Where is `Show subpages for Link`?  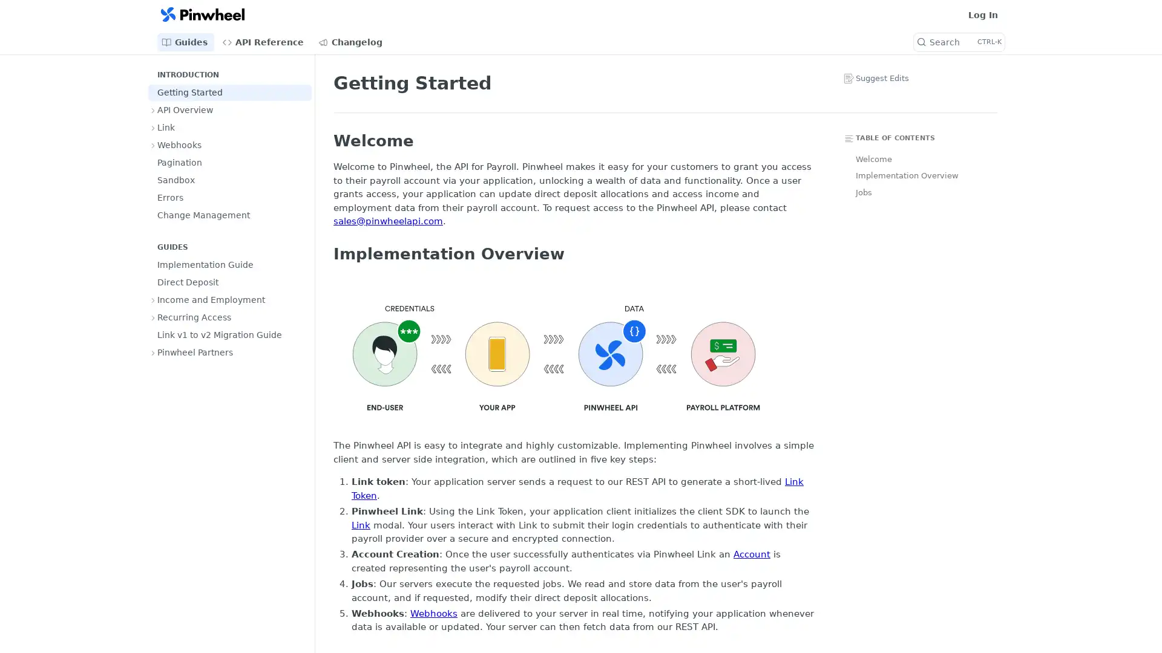 Show subpages for Link is located at coordinates (153, 128).